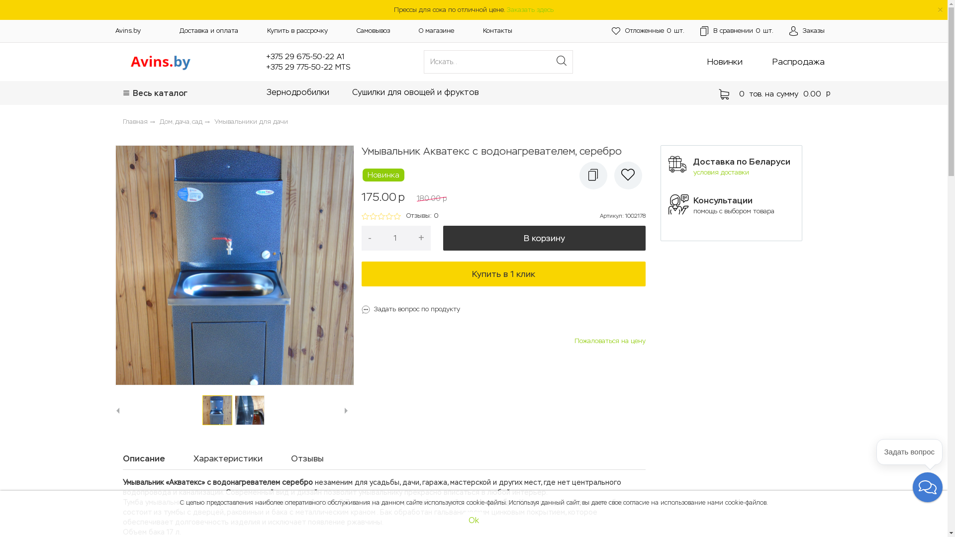  What do you see at coordinates (463, 520) in the screenshot?
I see `'Ok'` at bounding box center [463, 520].